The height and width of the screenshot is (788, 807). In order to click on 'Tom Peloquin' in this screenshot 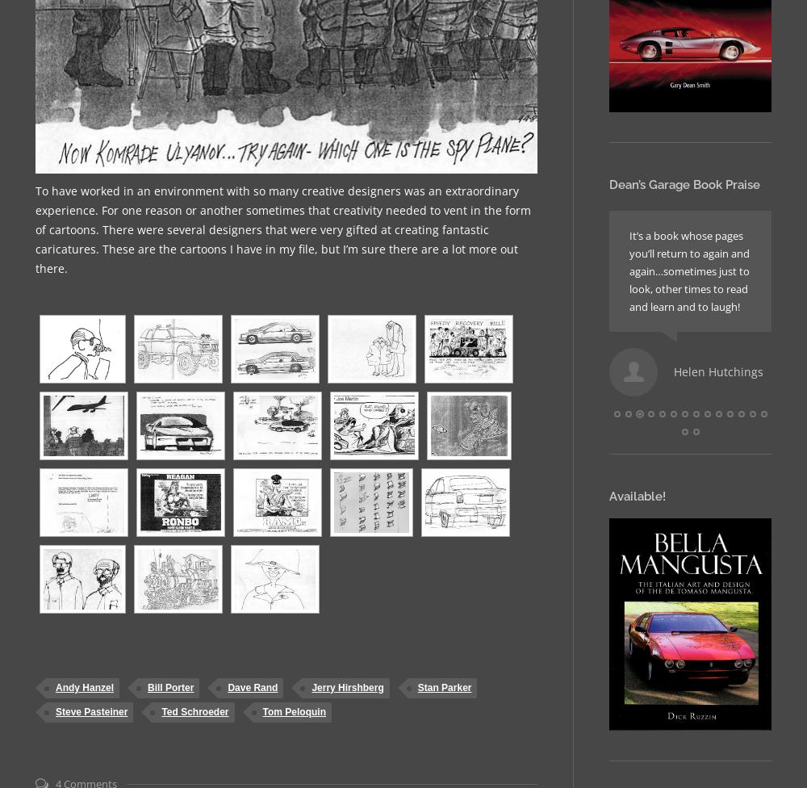, I will do `click(293, 711)`.